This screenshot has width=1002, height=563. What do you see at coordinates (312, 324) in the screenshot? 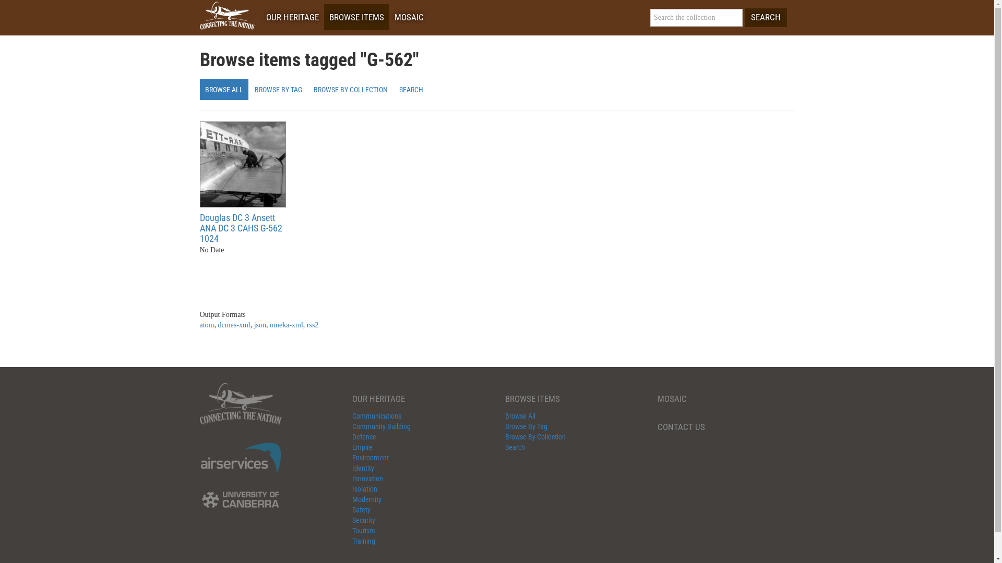
I see `'rss2'` at bounding box center [312, 324].